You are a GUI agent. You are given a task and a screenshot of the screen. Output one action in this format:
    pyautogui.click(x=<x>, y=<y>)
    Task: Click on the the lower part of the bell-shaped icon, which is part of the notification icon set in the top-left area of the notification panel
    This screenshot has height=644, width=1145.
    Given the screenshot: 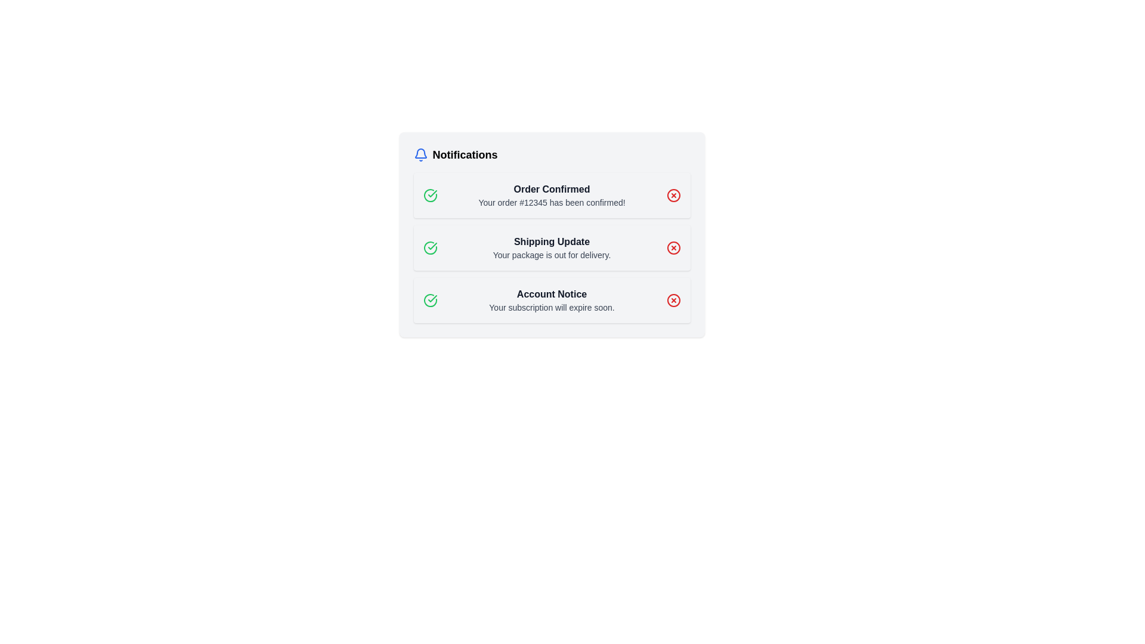 What is the action you would take?
    pyautogui.click(x=420, y=153)
    